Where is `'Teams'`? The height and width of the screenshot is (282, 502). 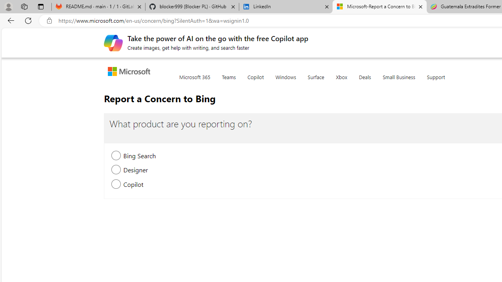
'Teams' is located at coordinates (228, 82).